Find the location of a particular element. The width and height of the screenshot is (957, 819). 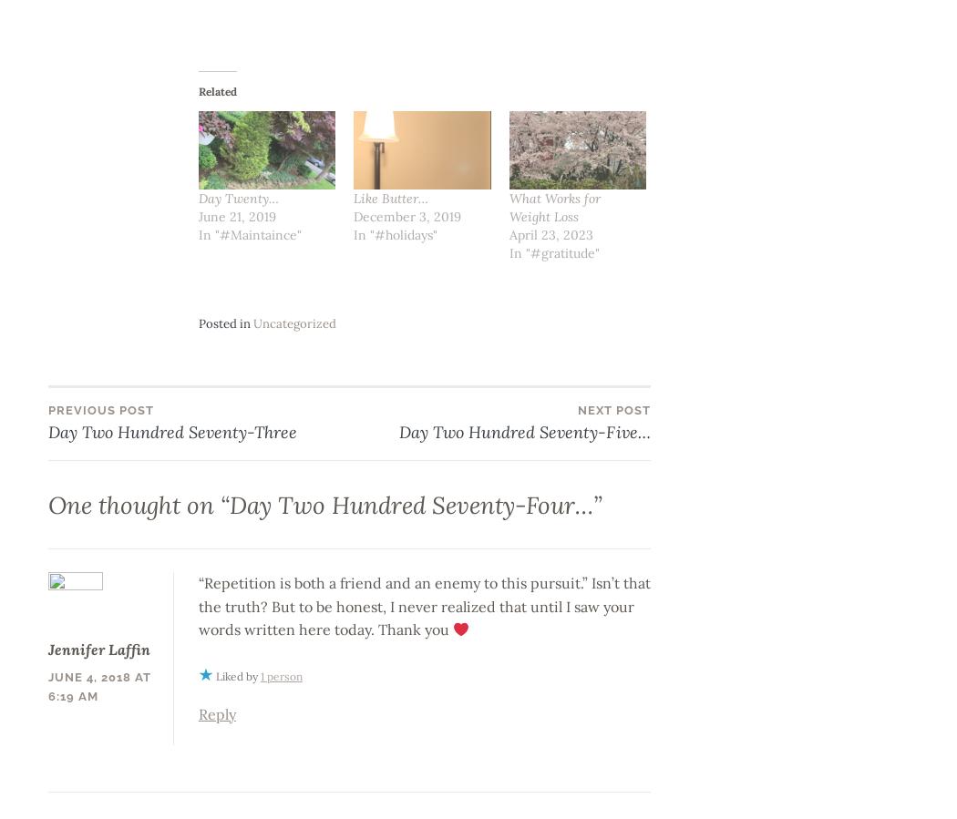

'Posted in' is located at coordinates (224, 322).